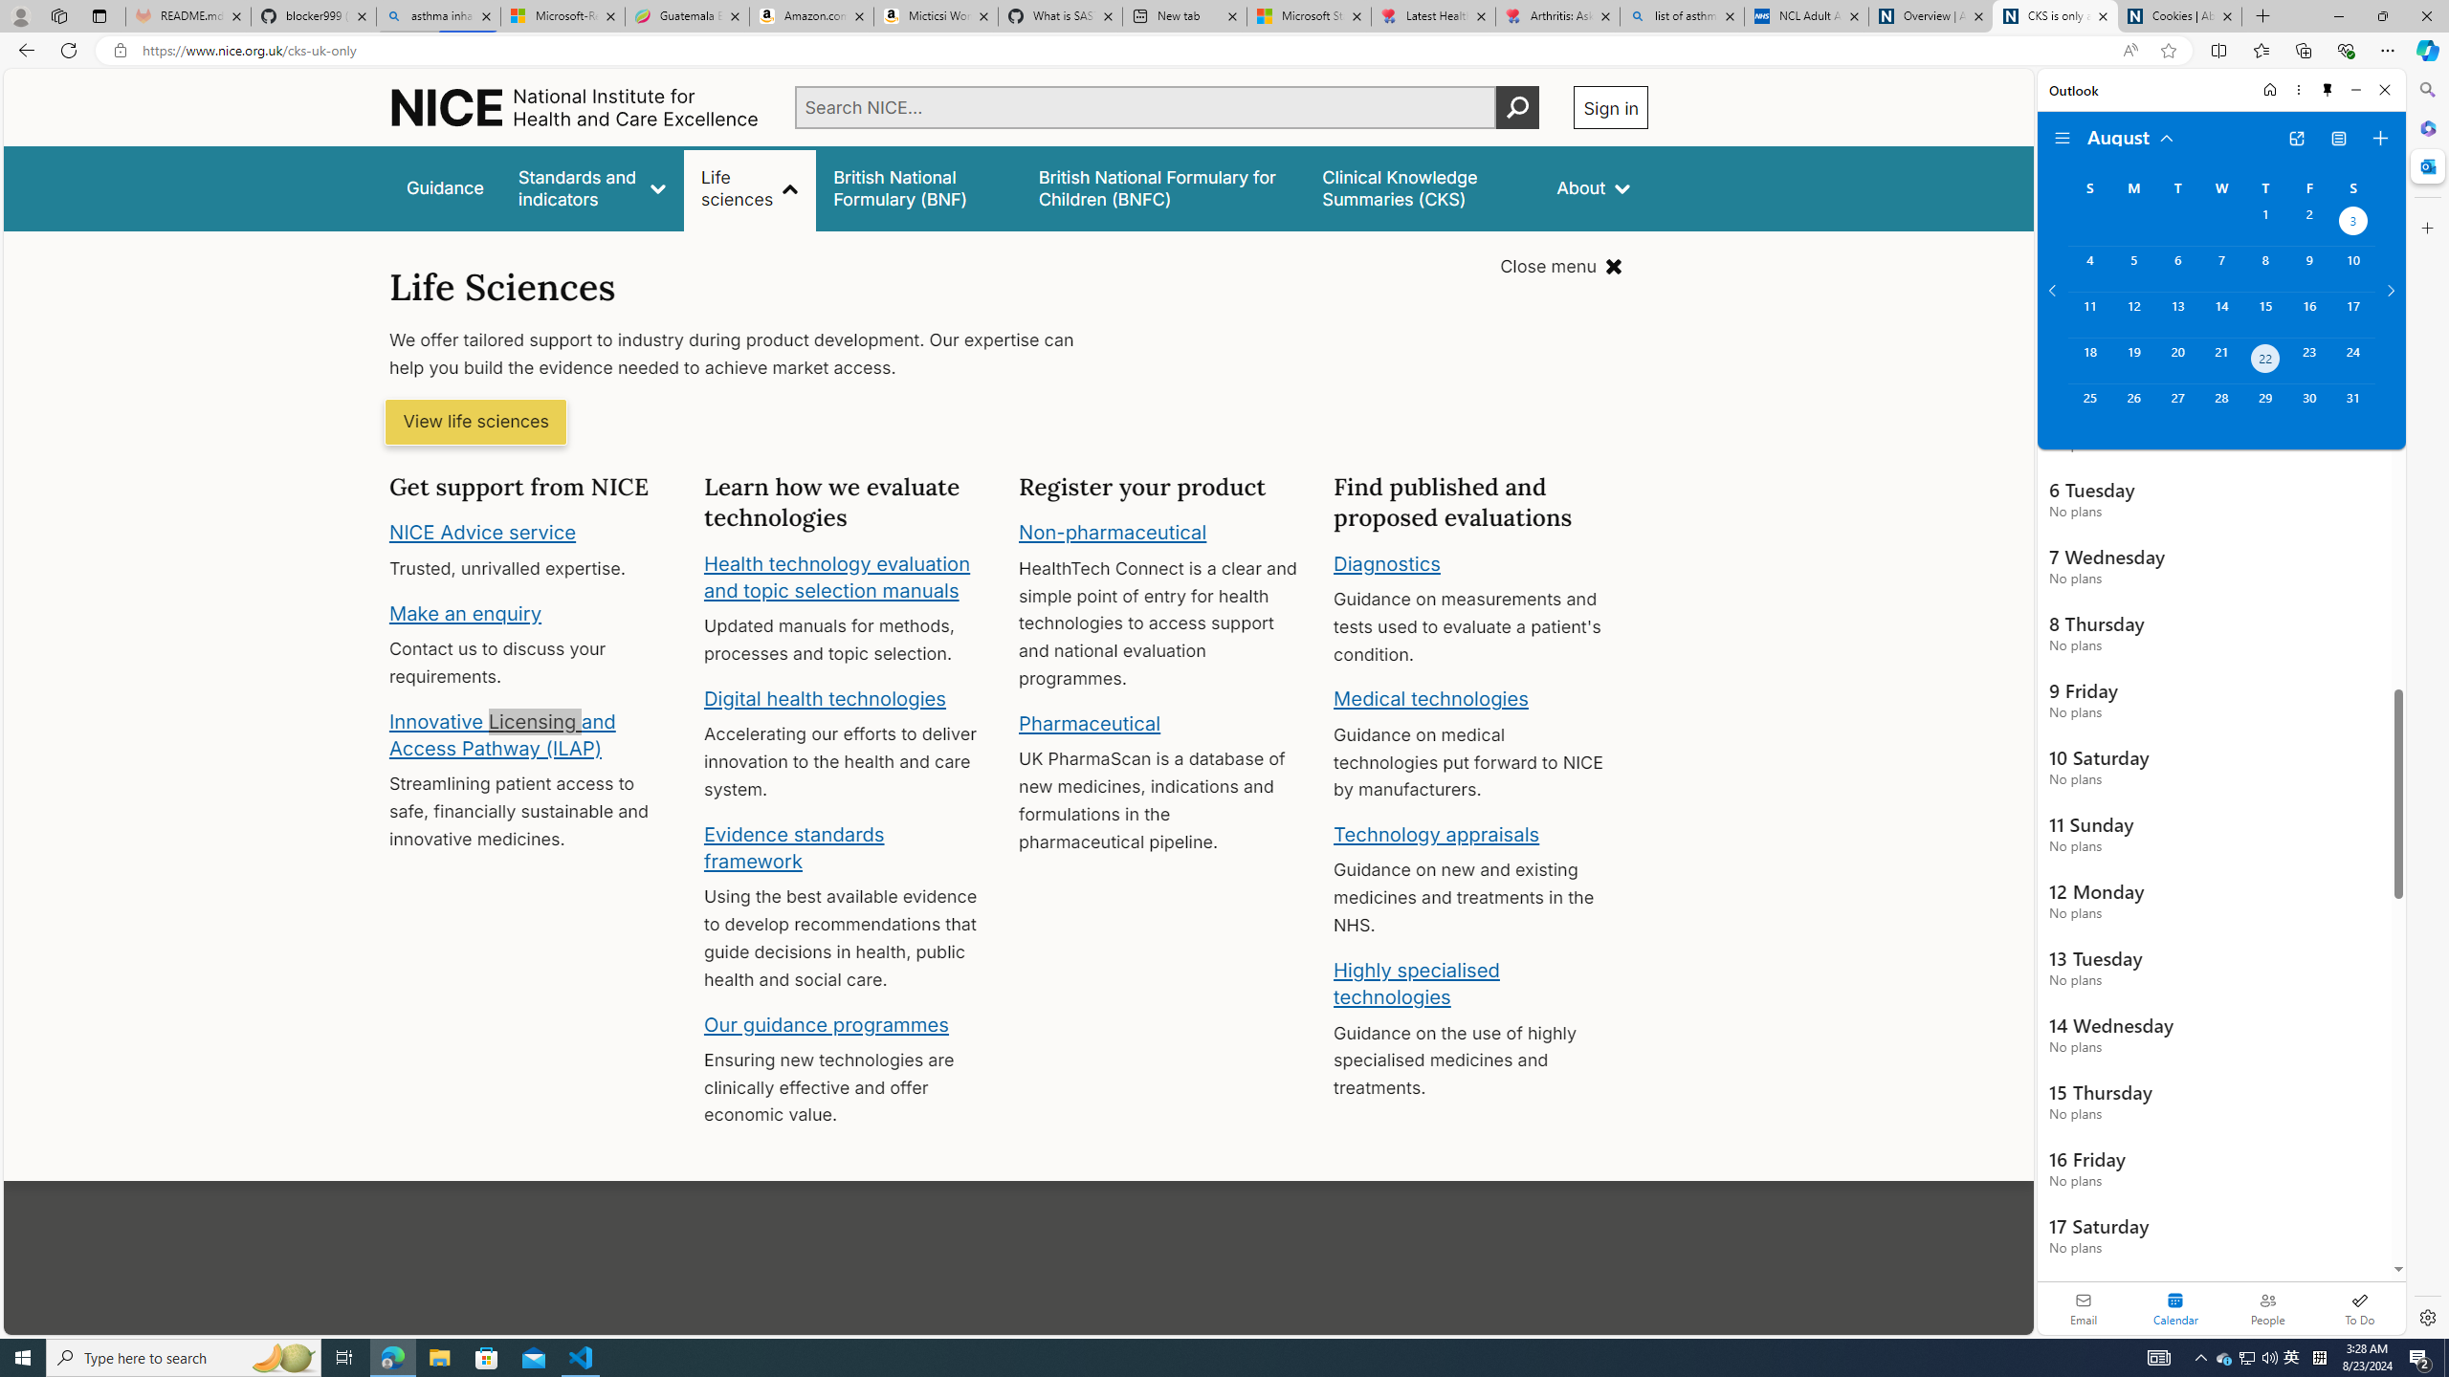  What do you see at coordinates (2266, 1307) in the screenshot?
I see `'People'` at bounding box center [2266, 1307].